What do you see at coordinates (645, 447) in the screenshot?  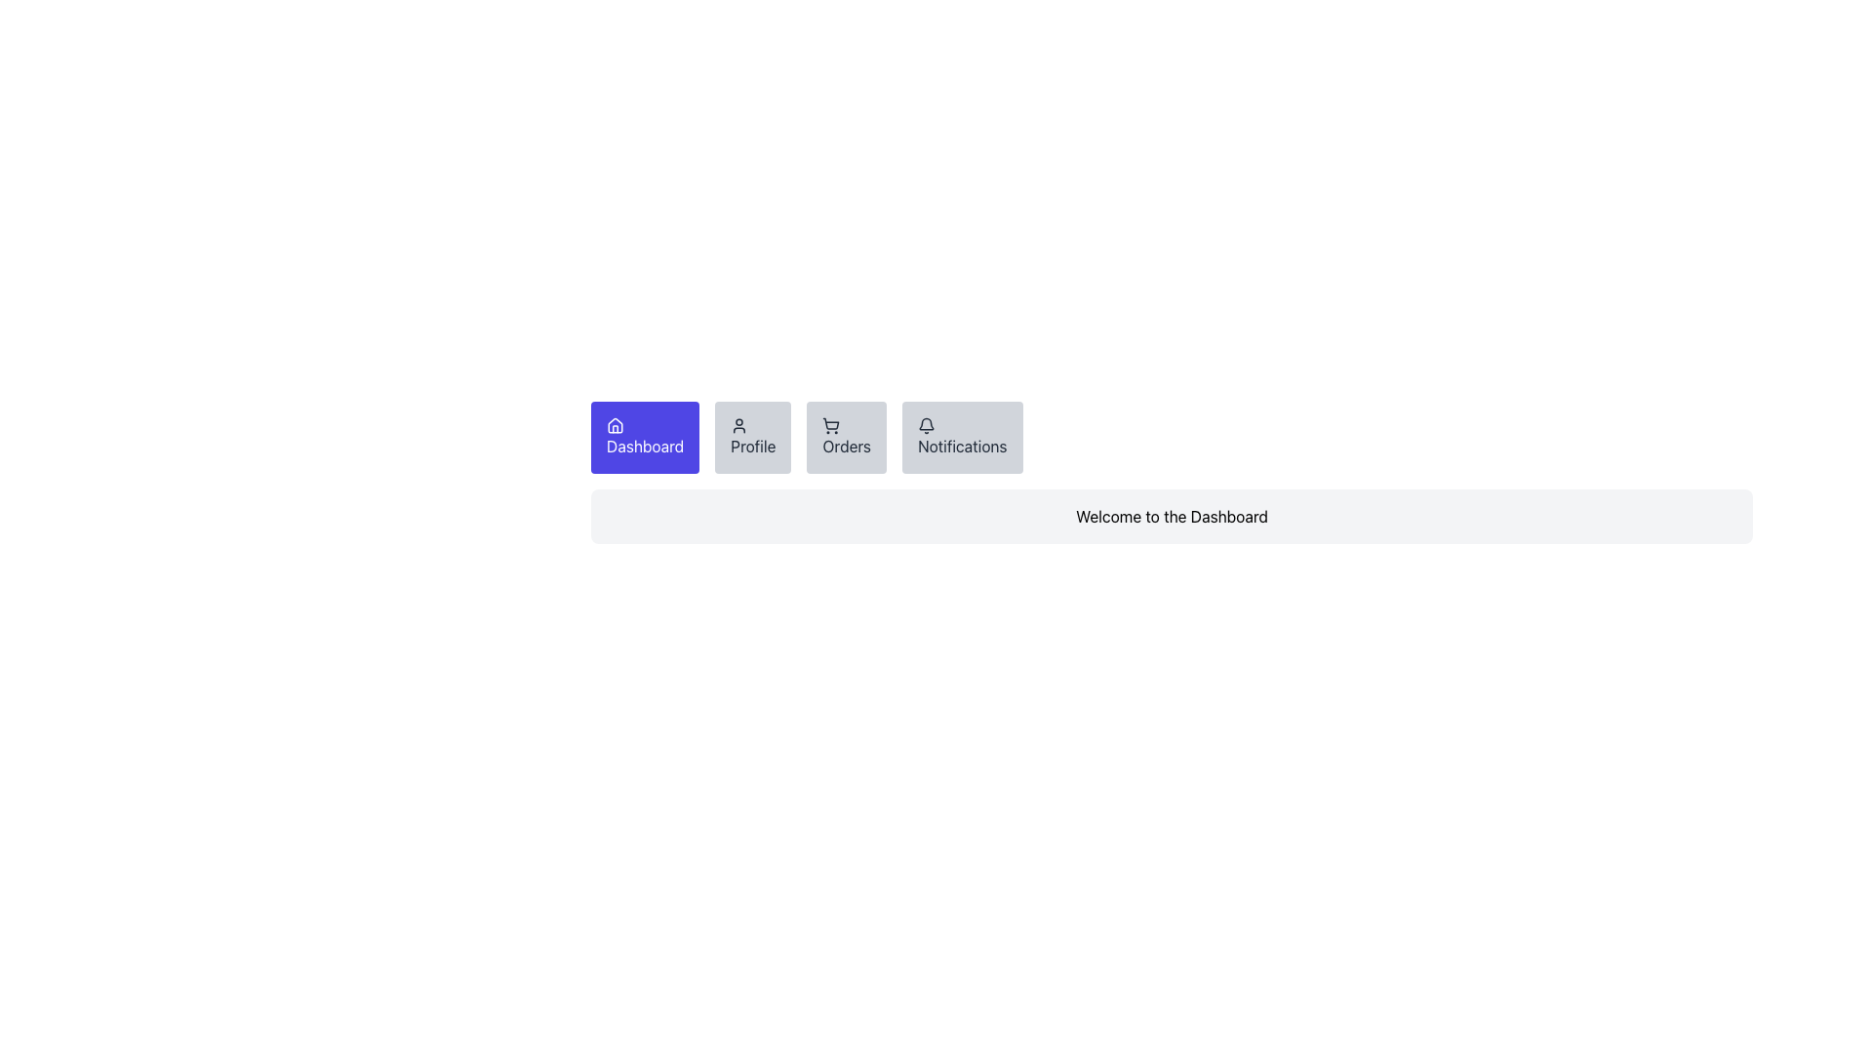 I see `the 'Dashboard' text label in the top-left corner of the navigation menu, styled with white font on a violet background` at bounding box center [645, 447].